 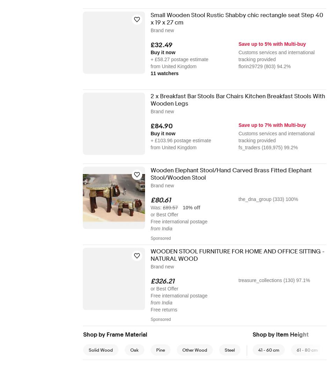 I want to click on '£84.90', so click(x=161, y=125).